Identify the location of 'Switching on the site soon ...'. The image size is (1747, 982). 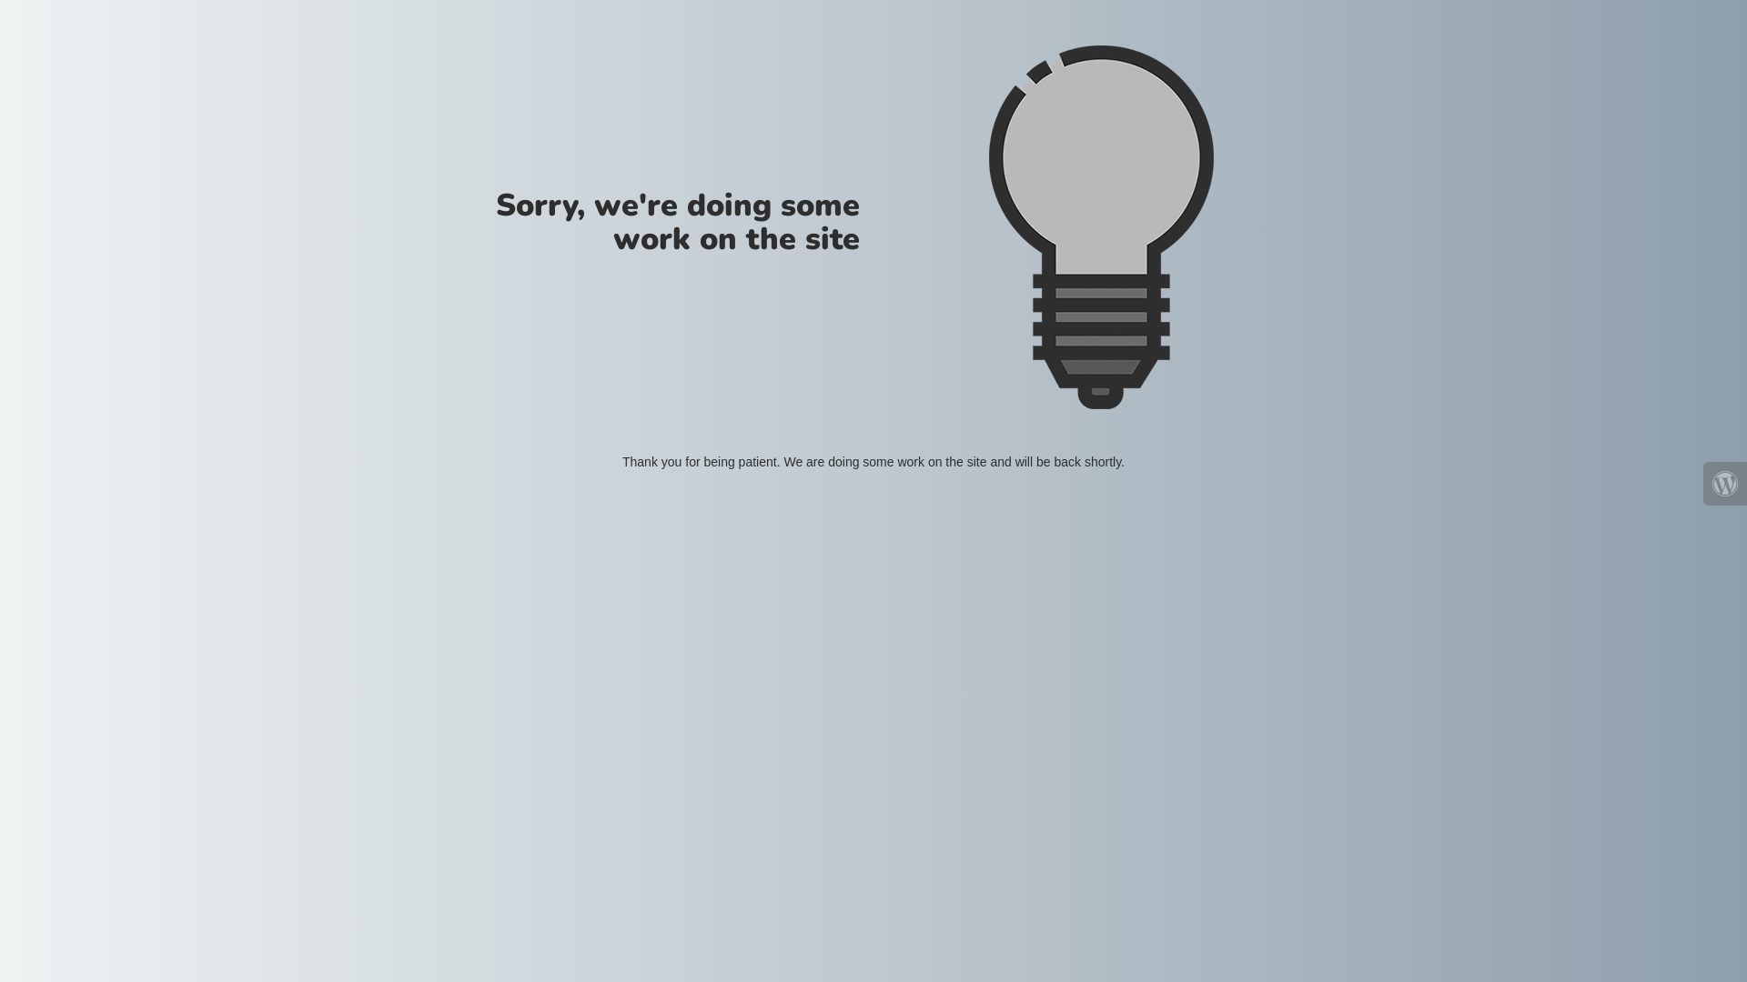
(1099, 226).